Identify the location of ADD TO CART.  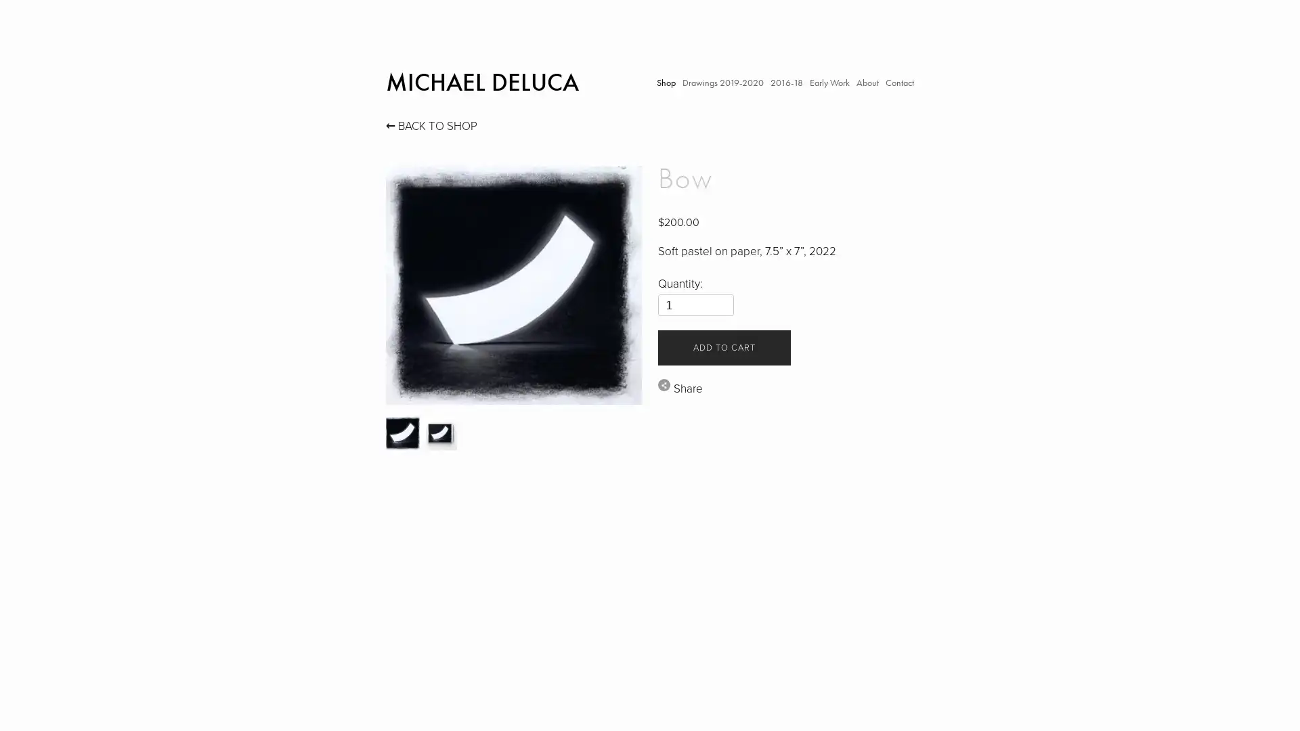
(723, 347).